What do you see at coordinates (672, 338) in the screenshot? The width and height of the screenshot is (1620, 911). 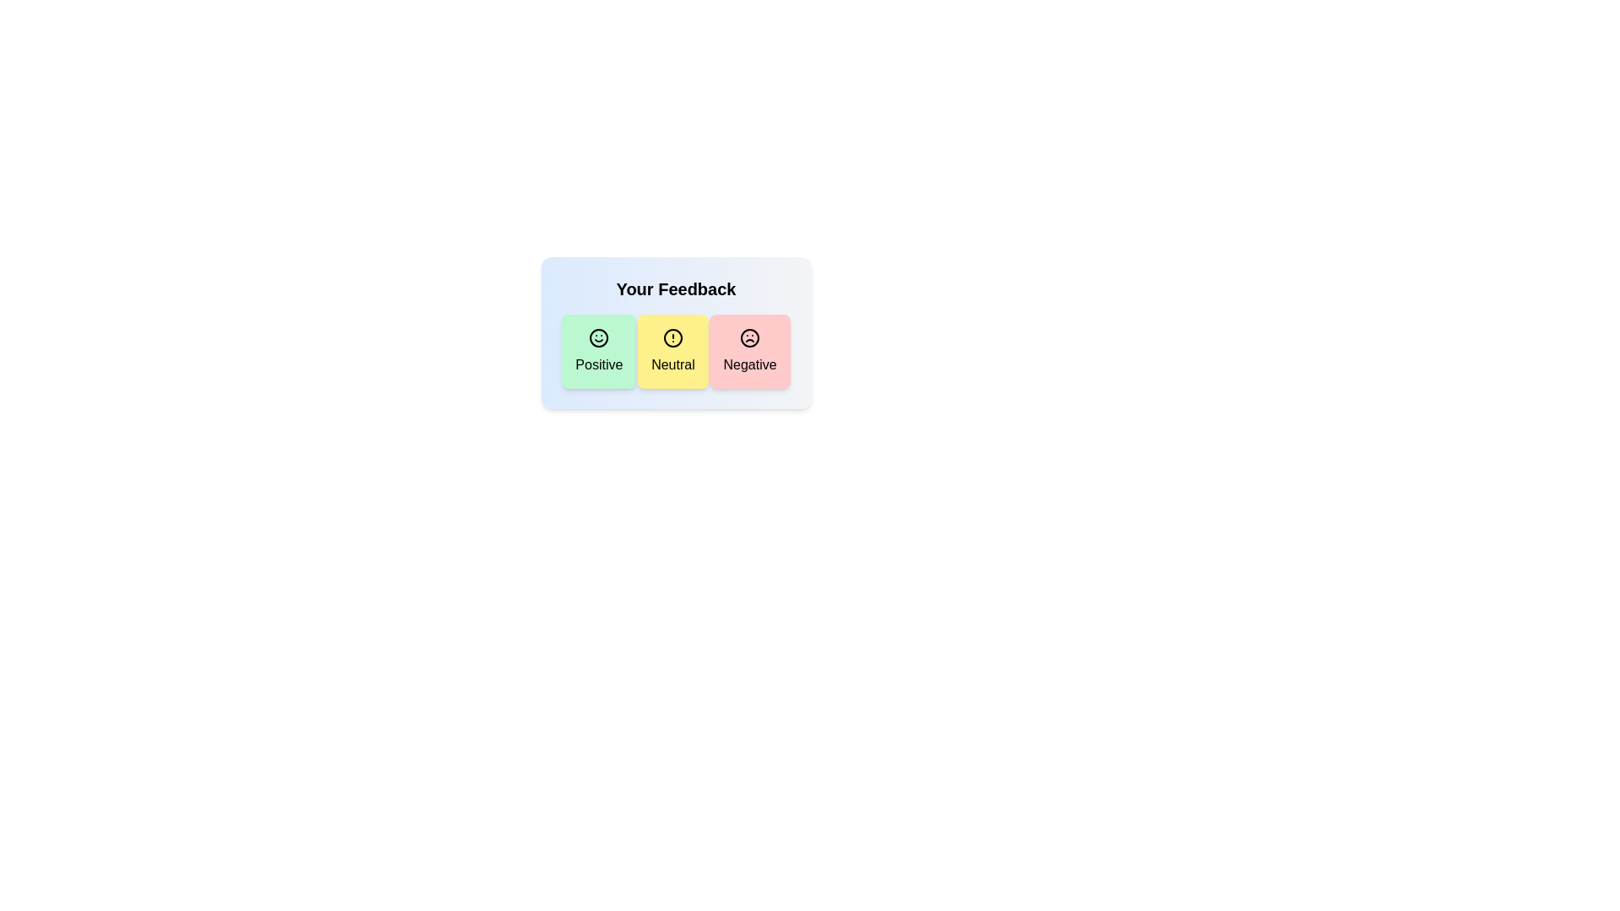 I see `the 'Neutral' button, which is a yellow-themed button with a circular icon featuring an alert marker, located in the middle of three feedback options labeled 'Positive', 'Neutral', and 'Negative'` at bounding box center [672, 338].